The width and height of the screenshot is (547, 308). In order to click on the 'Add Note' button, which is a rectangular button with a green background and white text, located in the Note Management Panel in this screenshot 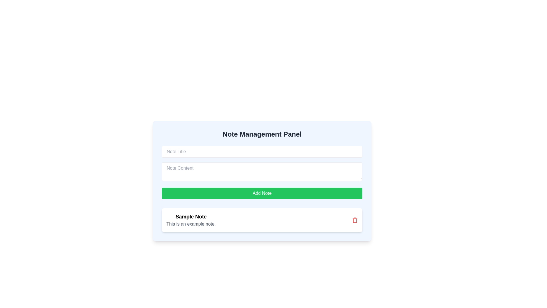, I will do `click(262, 193)`.